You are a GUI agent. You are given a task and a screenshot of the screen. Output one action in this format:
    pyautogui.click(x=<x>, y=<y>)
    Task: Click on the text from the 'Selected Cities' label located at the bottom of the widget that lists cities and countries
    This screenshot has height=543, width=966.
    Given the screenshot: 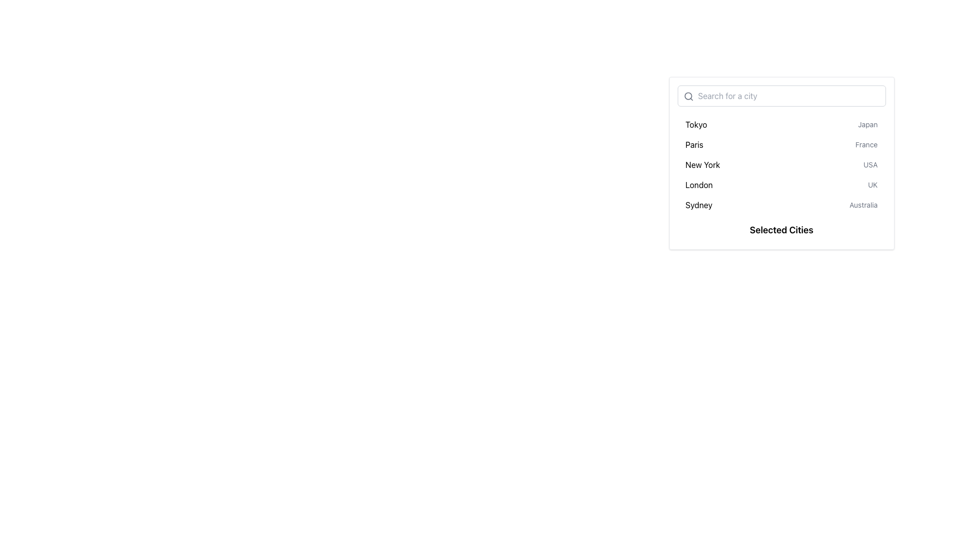 What is the action you would take?
    pyautogui.click(x=781, y=230)
    